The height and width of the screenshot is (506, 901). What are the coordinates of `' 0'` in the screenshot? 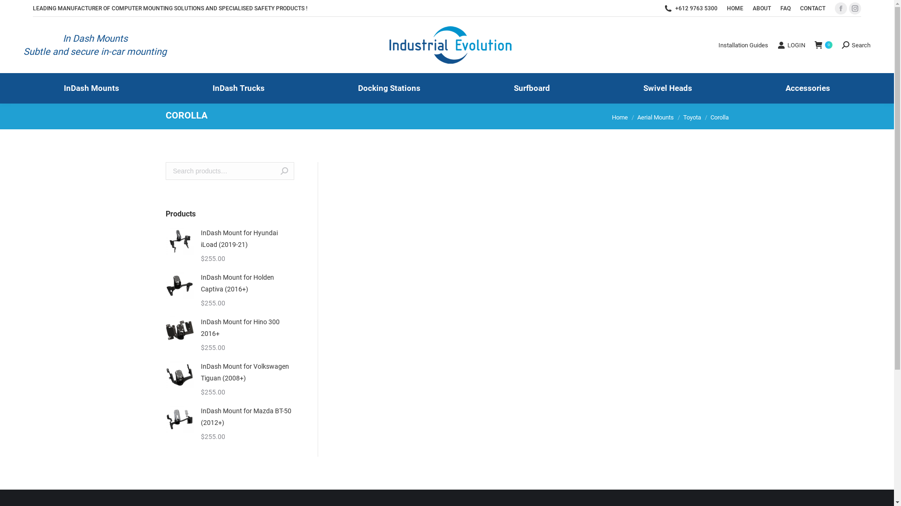 It's located at (814, 45).